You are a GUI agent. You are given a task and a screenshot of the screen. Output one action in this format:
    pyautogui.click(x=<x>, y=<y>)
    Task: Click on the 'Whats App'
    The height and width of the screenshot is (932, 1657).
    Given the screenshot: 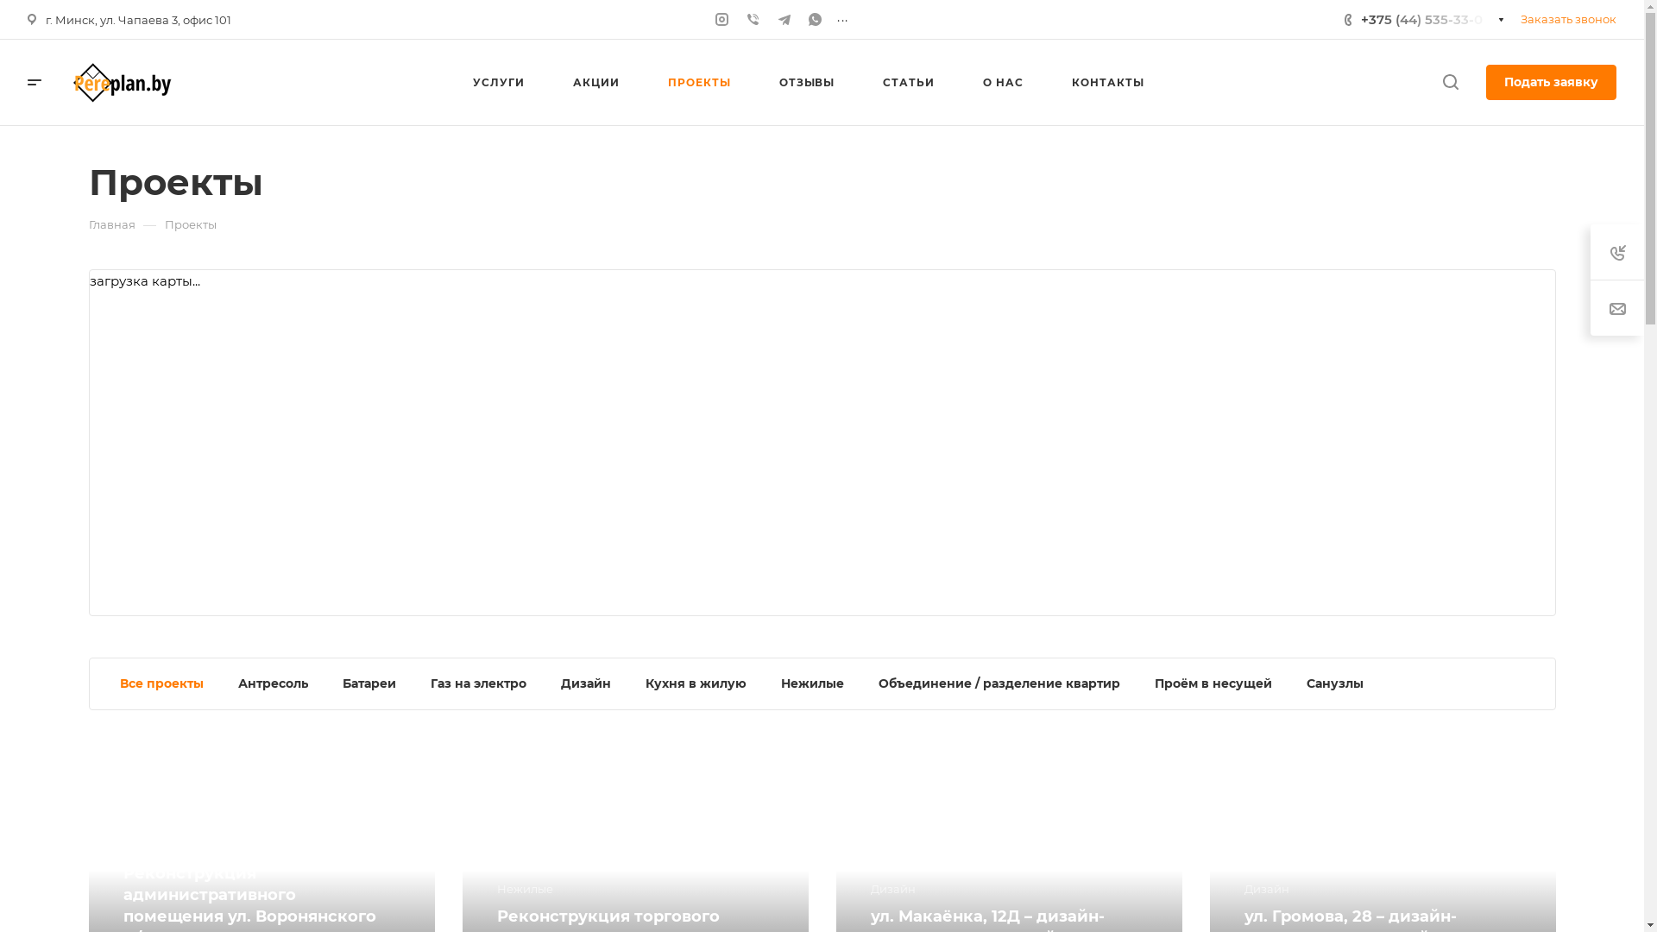 What is the action you would take?
    pyautogui.click(x=815, y=19)
    